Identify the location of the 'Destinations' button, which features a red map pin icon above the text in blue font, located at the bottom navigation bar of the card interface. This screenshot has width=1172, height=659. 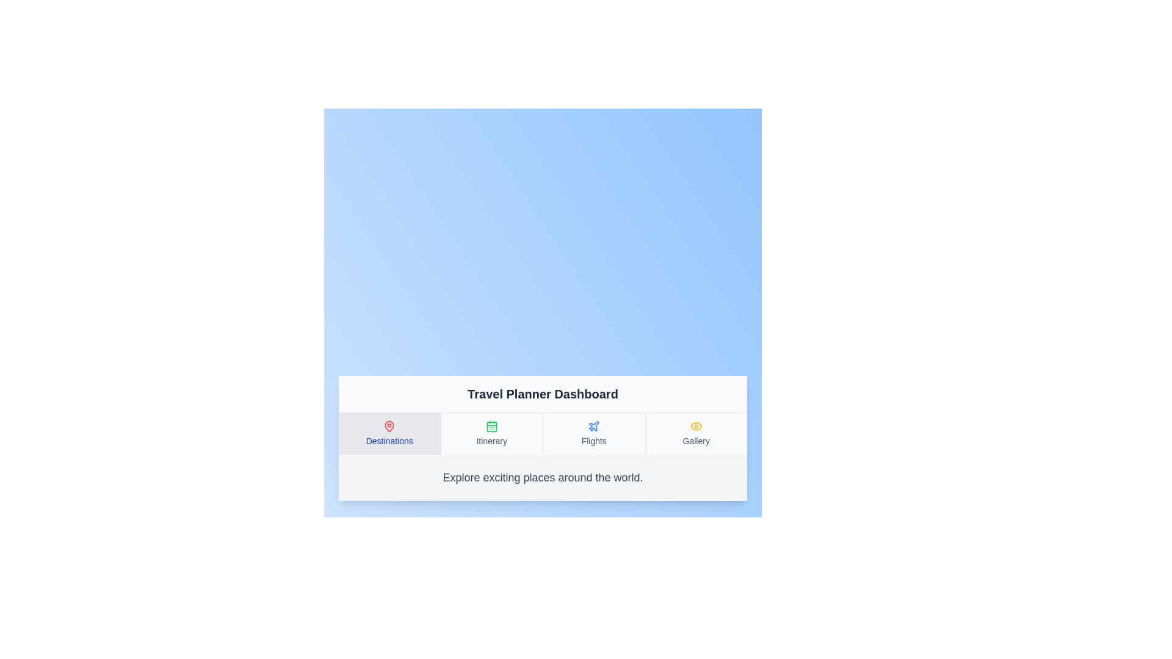
(389, 433).